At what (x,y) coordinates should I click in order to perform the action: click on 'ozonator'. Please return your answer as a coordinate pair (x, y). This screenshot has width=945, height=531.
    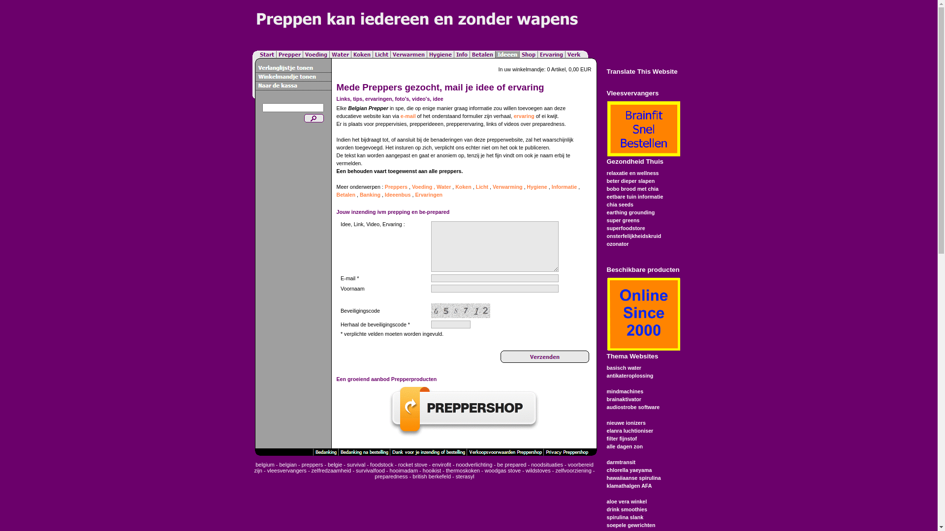
    Looking at the image, I should click on (617, 243).